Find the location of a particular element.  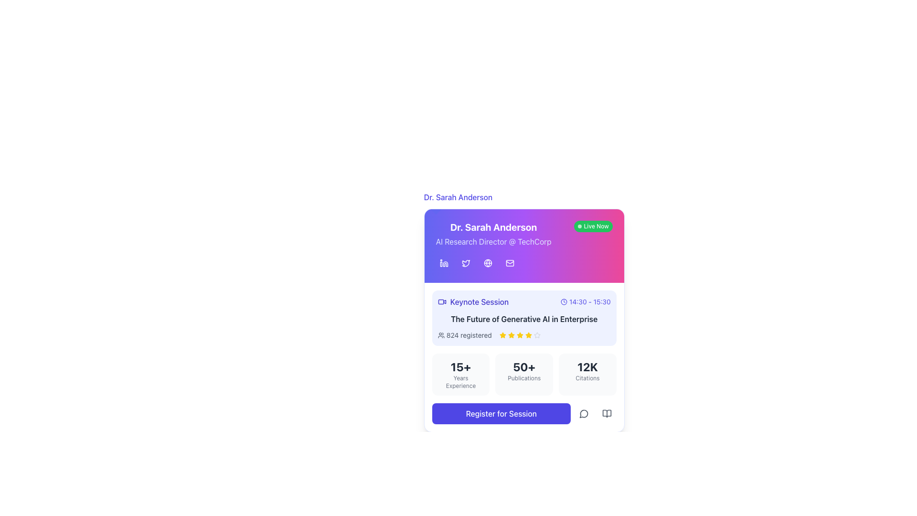

the icon in the bottom-right area of the card interface is located at coordinates (606, 413).